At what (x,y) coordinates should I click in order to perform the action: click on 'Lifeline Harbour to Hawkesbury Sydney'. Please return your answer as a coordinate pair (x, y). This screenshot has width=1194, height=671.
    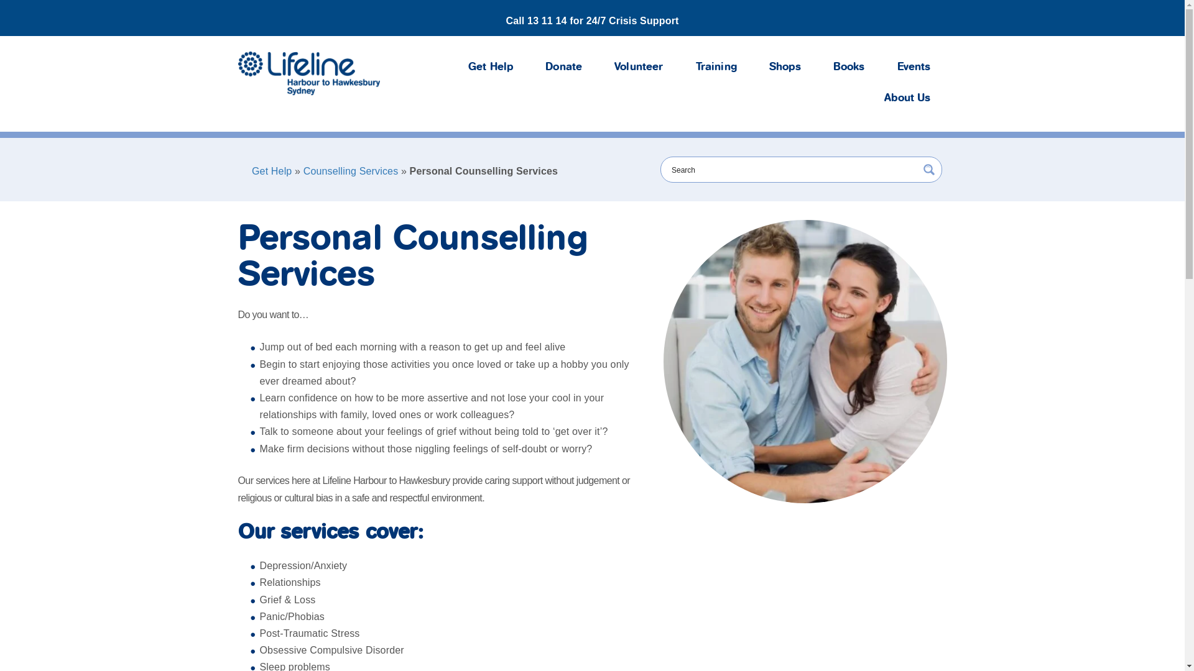
    Looking at the image, I should click on (308, 73).